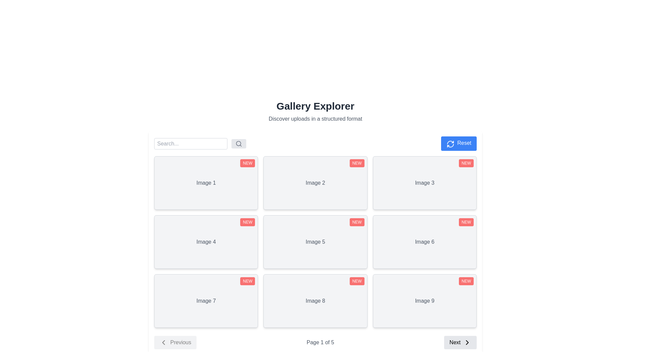 The width and height of the screenshot is (645, 362). What do you see at coordinates (206, 301) in the screenshot?
I see `the Gallery Item Box containing 'Image 7' with a 'NEW' badge` at bounding box center [206, 301].